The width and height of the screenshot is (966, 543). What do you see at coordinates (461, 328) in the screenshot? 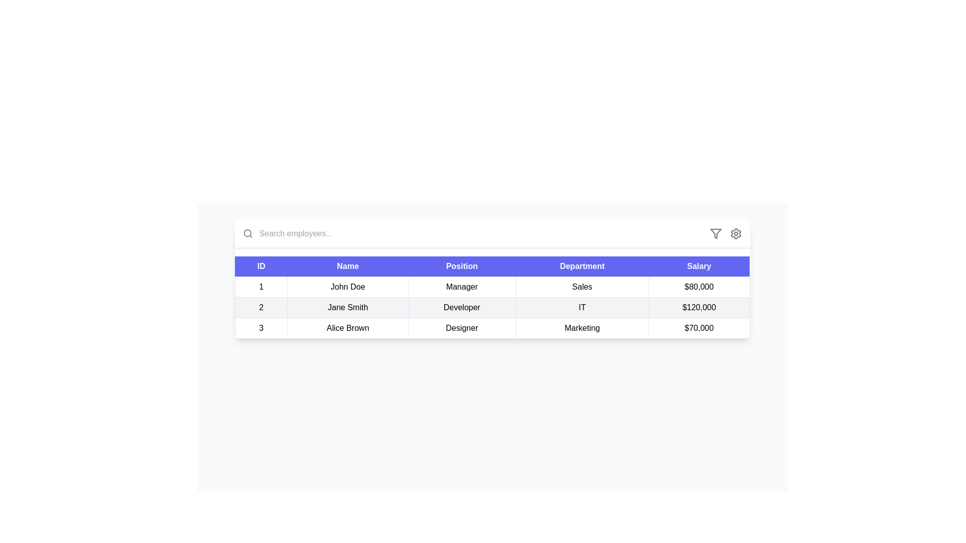
I see `the table cell displaying the text 'Designer', located in the third column of the third row, under the 'Position' header` at bounding box center [461, 328].